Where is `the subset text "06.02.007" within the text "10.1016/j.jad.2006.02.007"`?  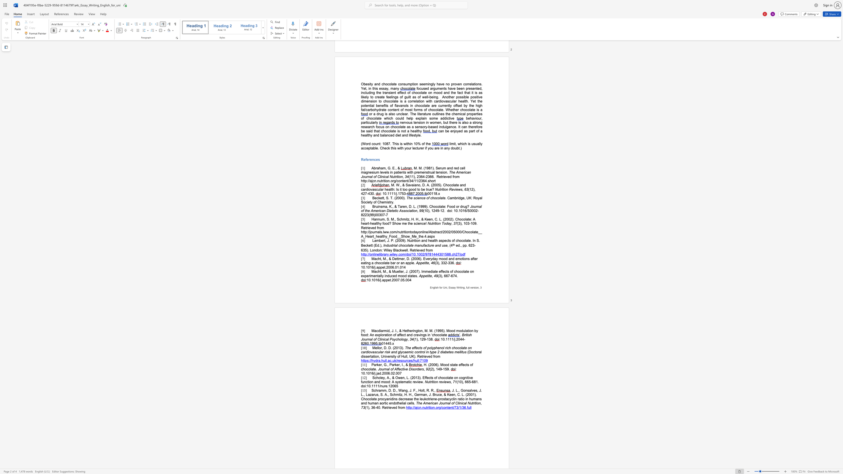
the subset text "06.02.007" within the text "10.1016/j.jad.2006.02.007" is located at coordinates (386, 373).